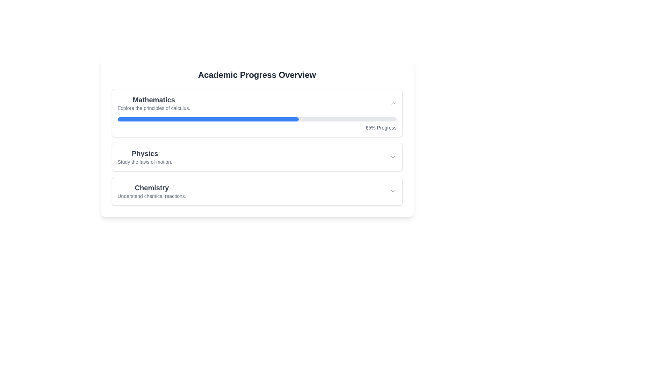 The width and height of the screenshot is (671, 377). I want to click on the text label displaying 'Chemistry' in bold and large font located in the bottommost section of the vertical list of content areas, so click(151, 187).